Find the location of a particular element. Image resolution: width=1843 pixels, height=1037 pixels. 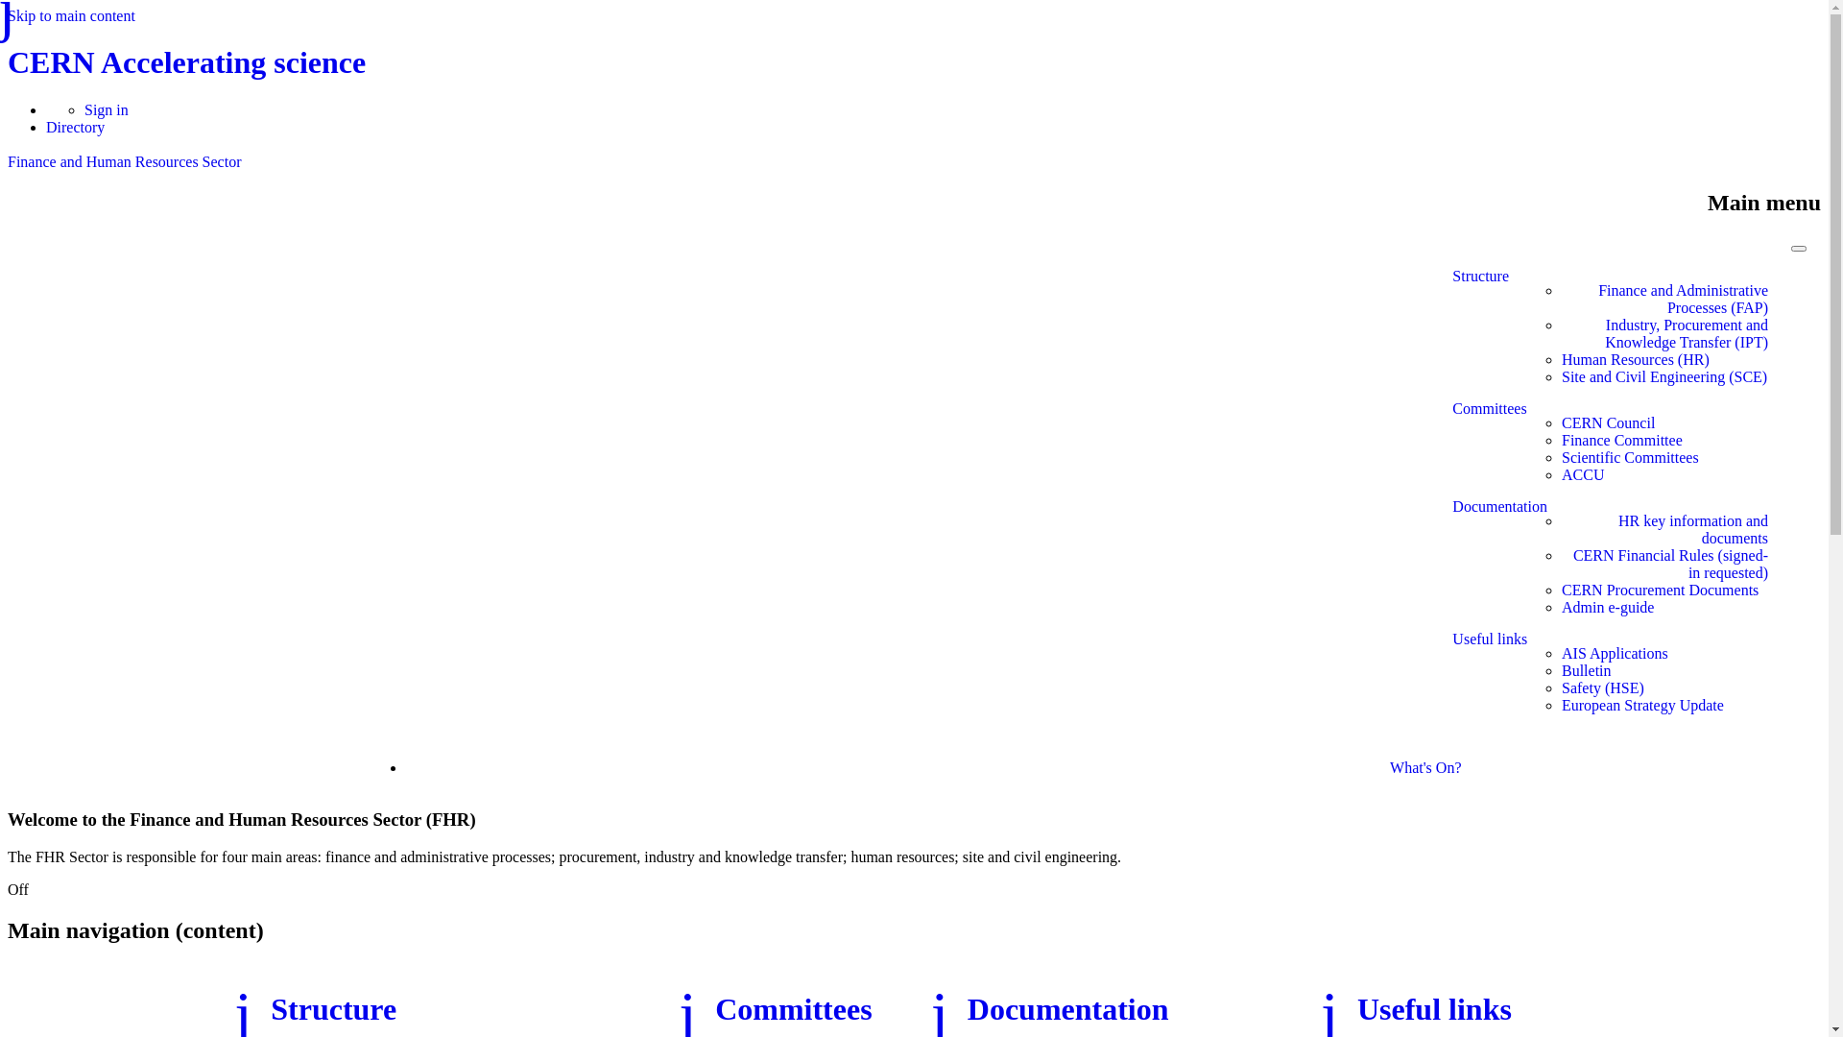

'Human Resources (HR)' is located at coordinates (1635, 359).